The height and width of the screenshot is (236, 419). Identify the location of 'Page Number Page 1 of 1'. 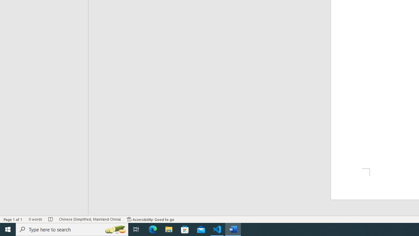
(13, 219).